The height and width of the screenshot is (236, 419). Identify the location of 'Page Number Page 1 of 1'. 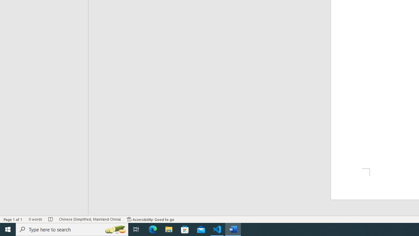
(13, 219).